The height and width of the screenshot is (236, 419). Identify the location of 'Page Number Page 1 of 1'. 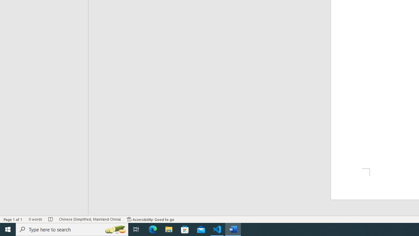
(13, 219).